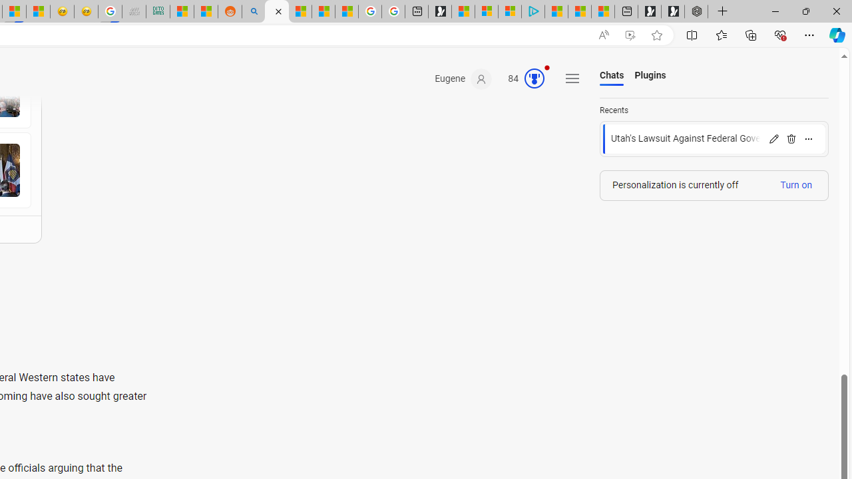 The image size is (852, 479). I want to click on 'Eugene', so click(463, 79).